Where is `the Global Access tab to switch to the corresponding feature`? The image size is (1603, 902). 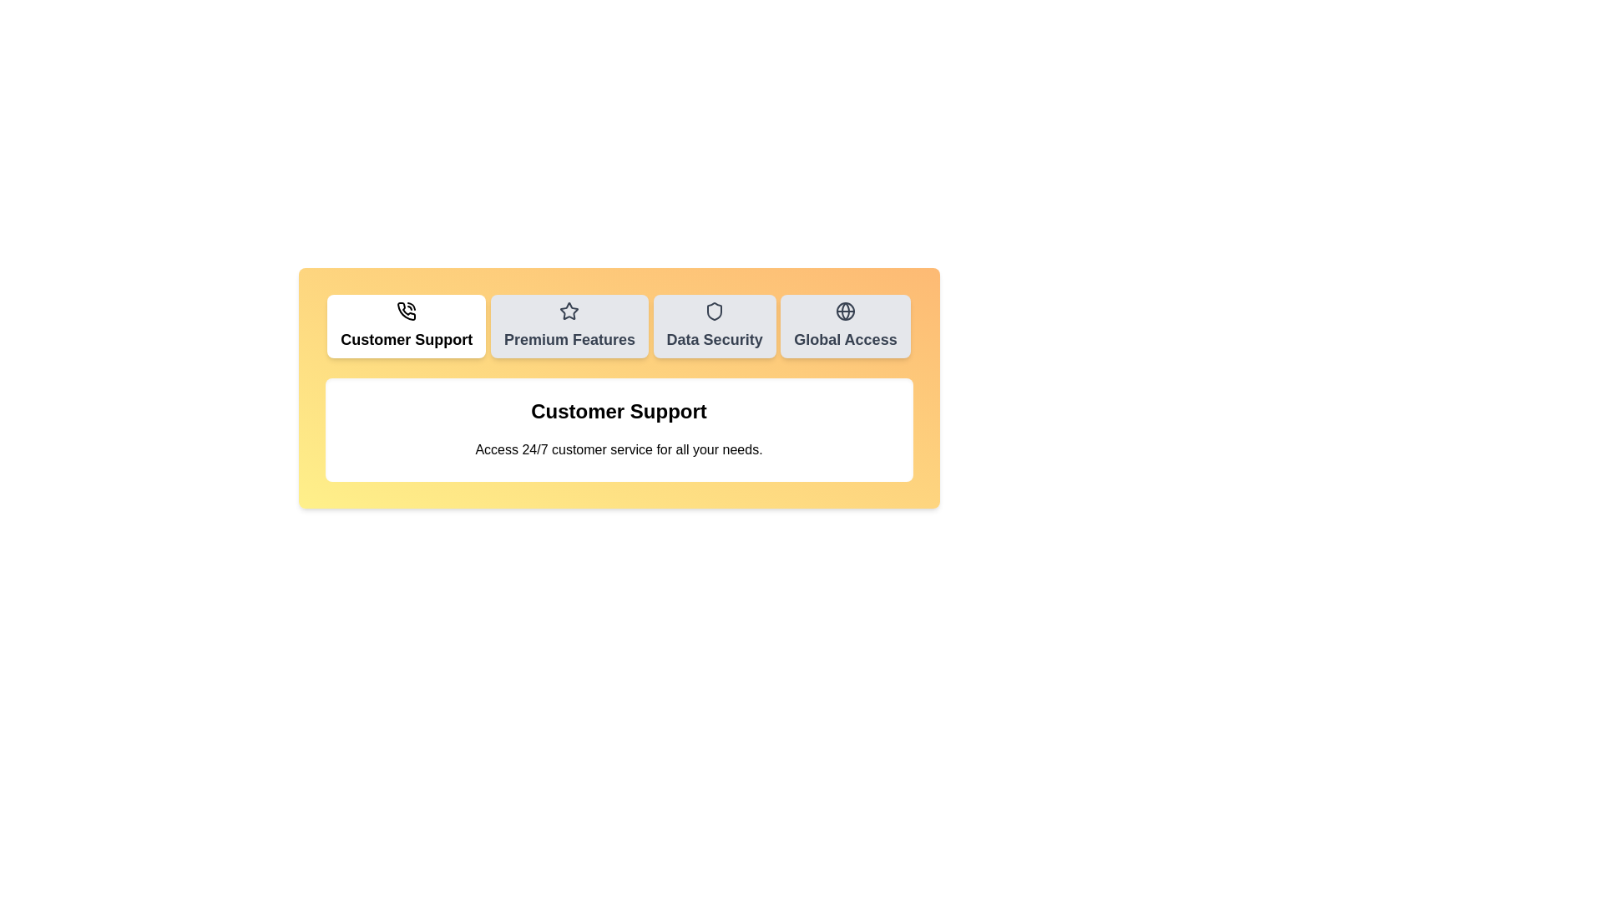 the Global Access tab to switch to the corresponding feature is located at coordinates (845, 326).